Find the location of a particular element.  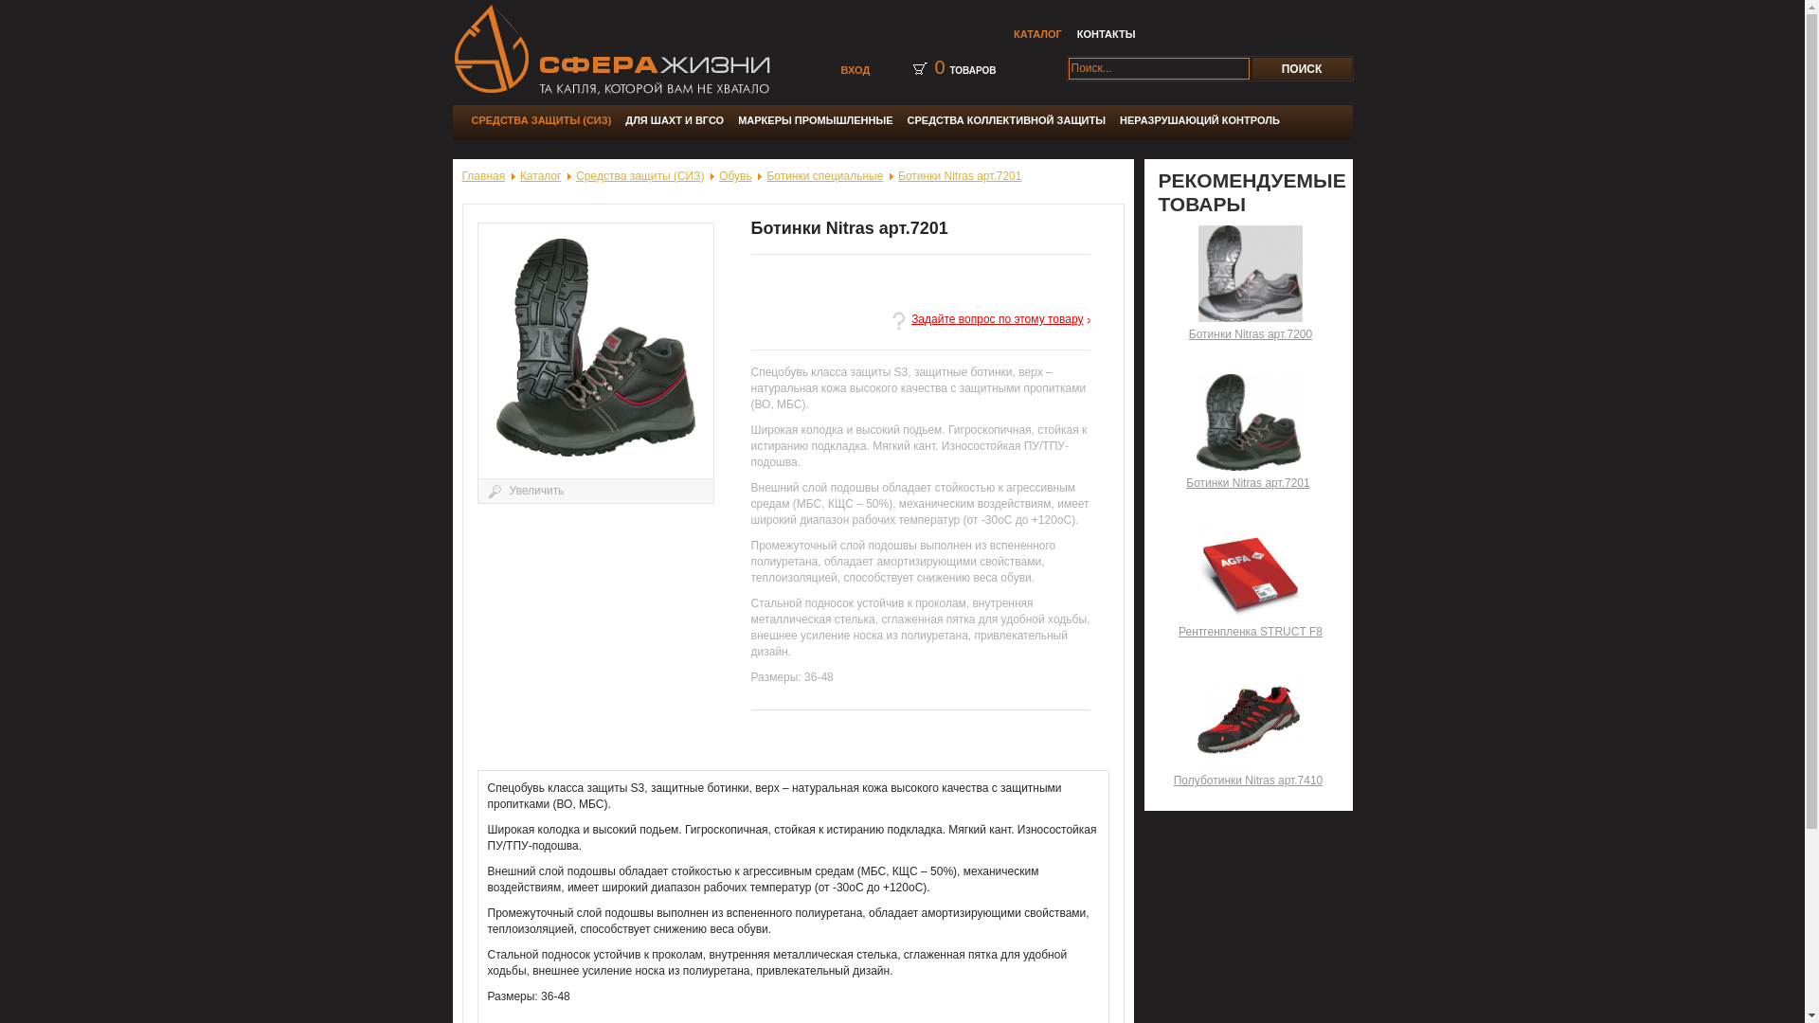

'0' is located at coordinates (933, 65).